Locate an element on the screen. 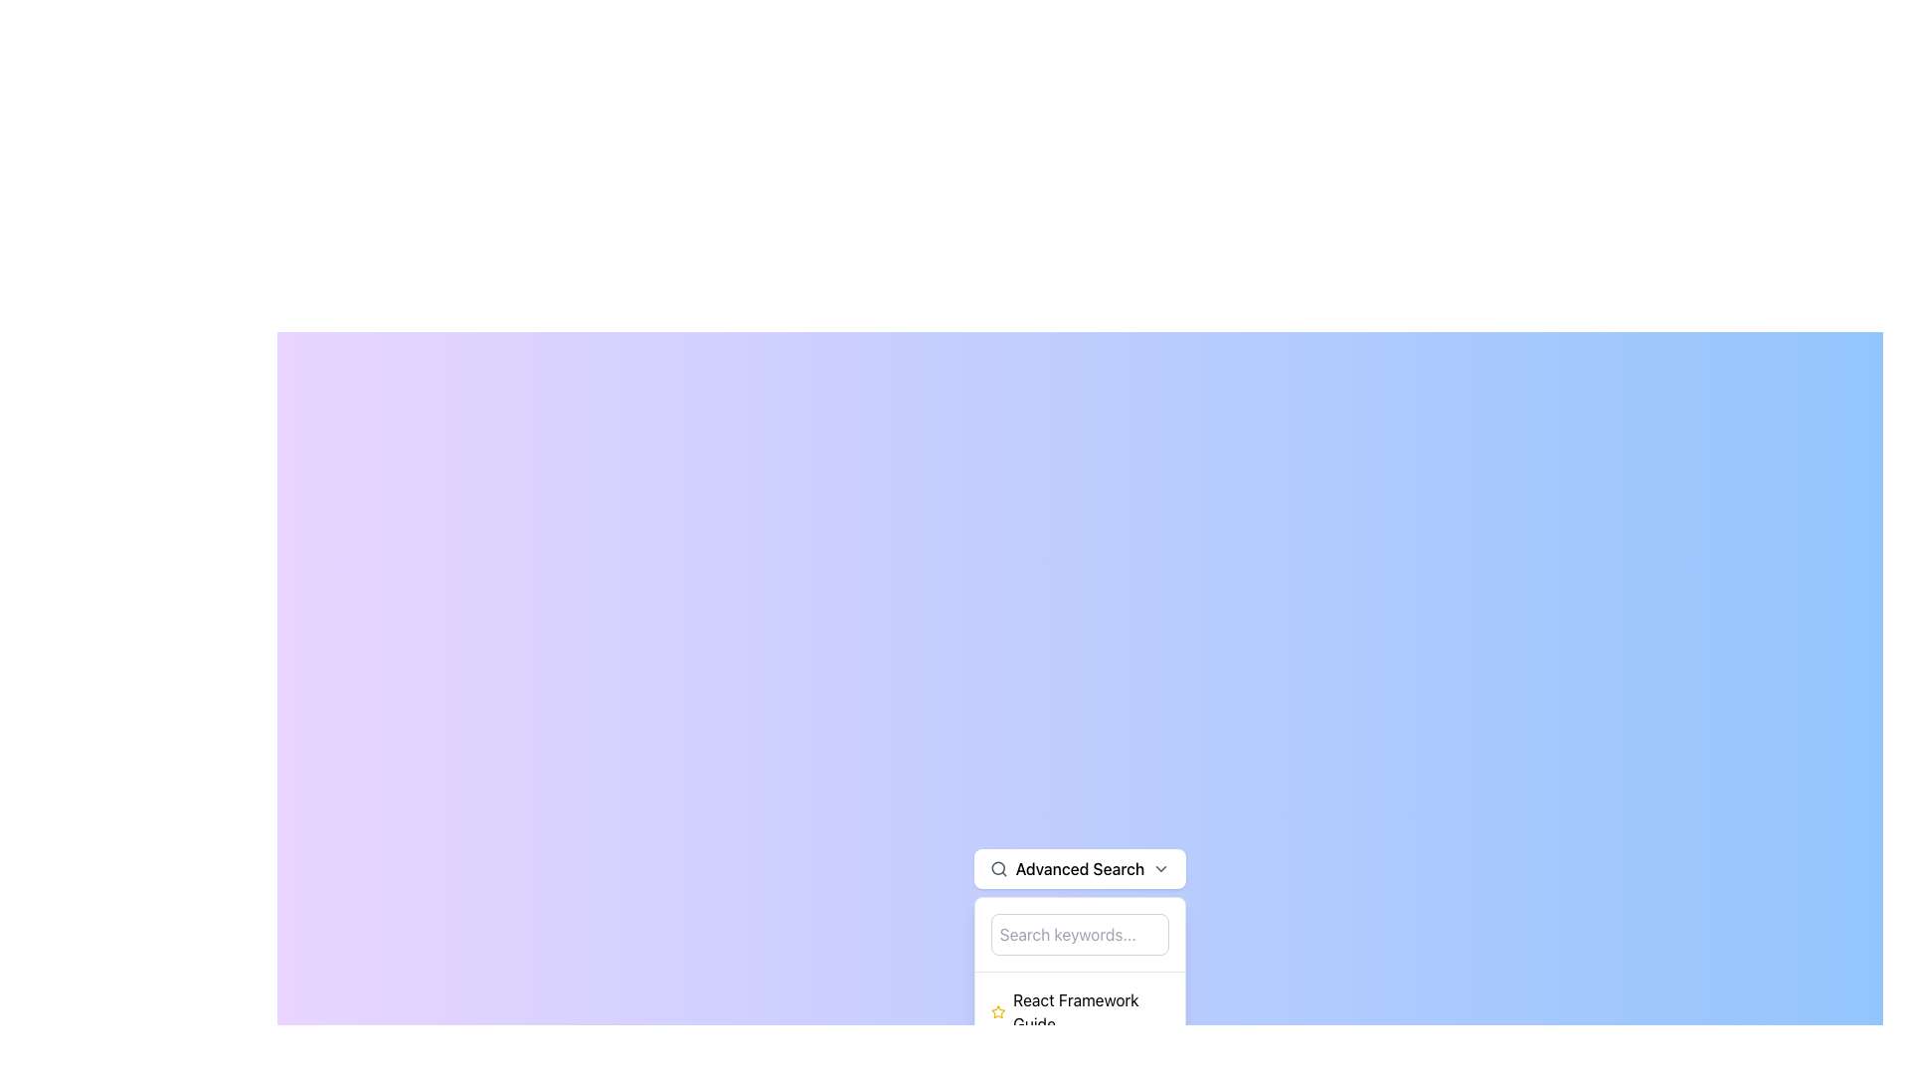  the rectangular text input field with rounded corners and a gray border that includes the placeholder text 'Search keywords...' in the dropdown of the 'Advanced Search' option is located at coordinates (1079, 935).